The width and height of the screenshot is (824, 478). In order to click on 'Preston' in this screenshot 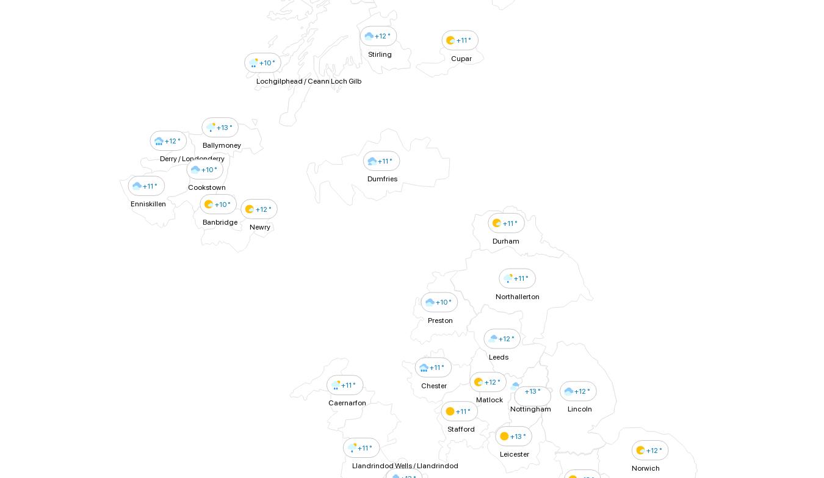, I will do `click(439, 319)`.